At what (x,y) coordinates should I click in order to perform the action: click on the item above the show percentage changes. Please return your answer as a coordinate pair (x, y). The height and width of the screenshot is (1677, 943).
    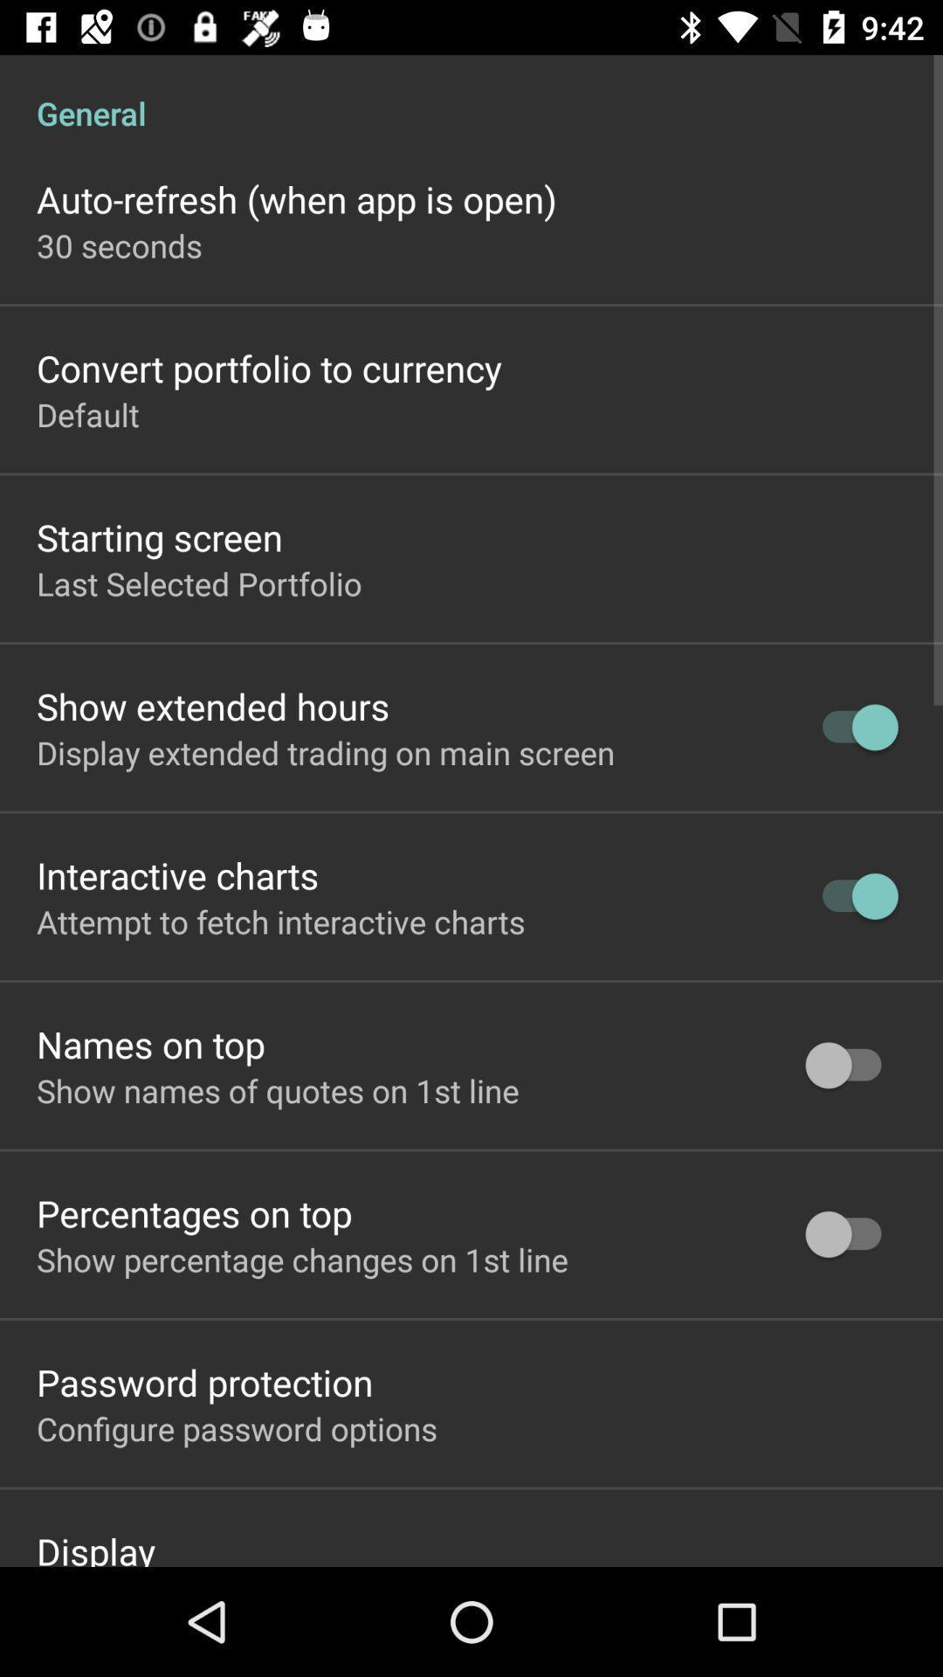
    Looking at the image, I should click on (194, 1211).